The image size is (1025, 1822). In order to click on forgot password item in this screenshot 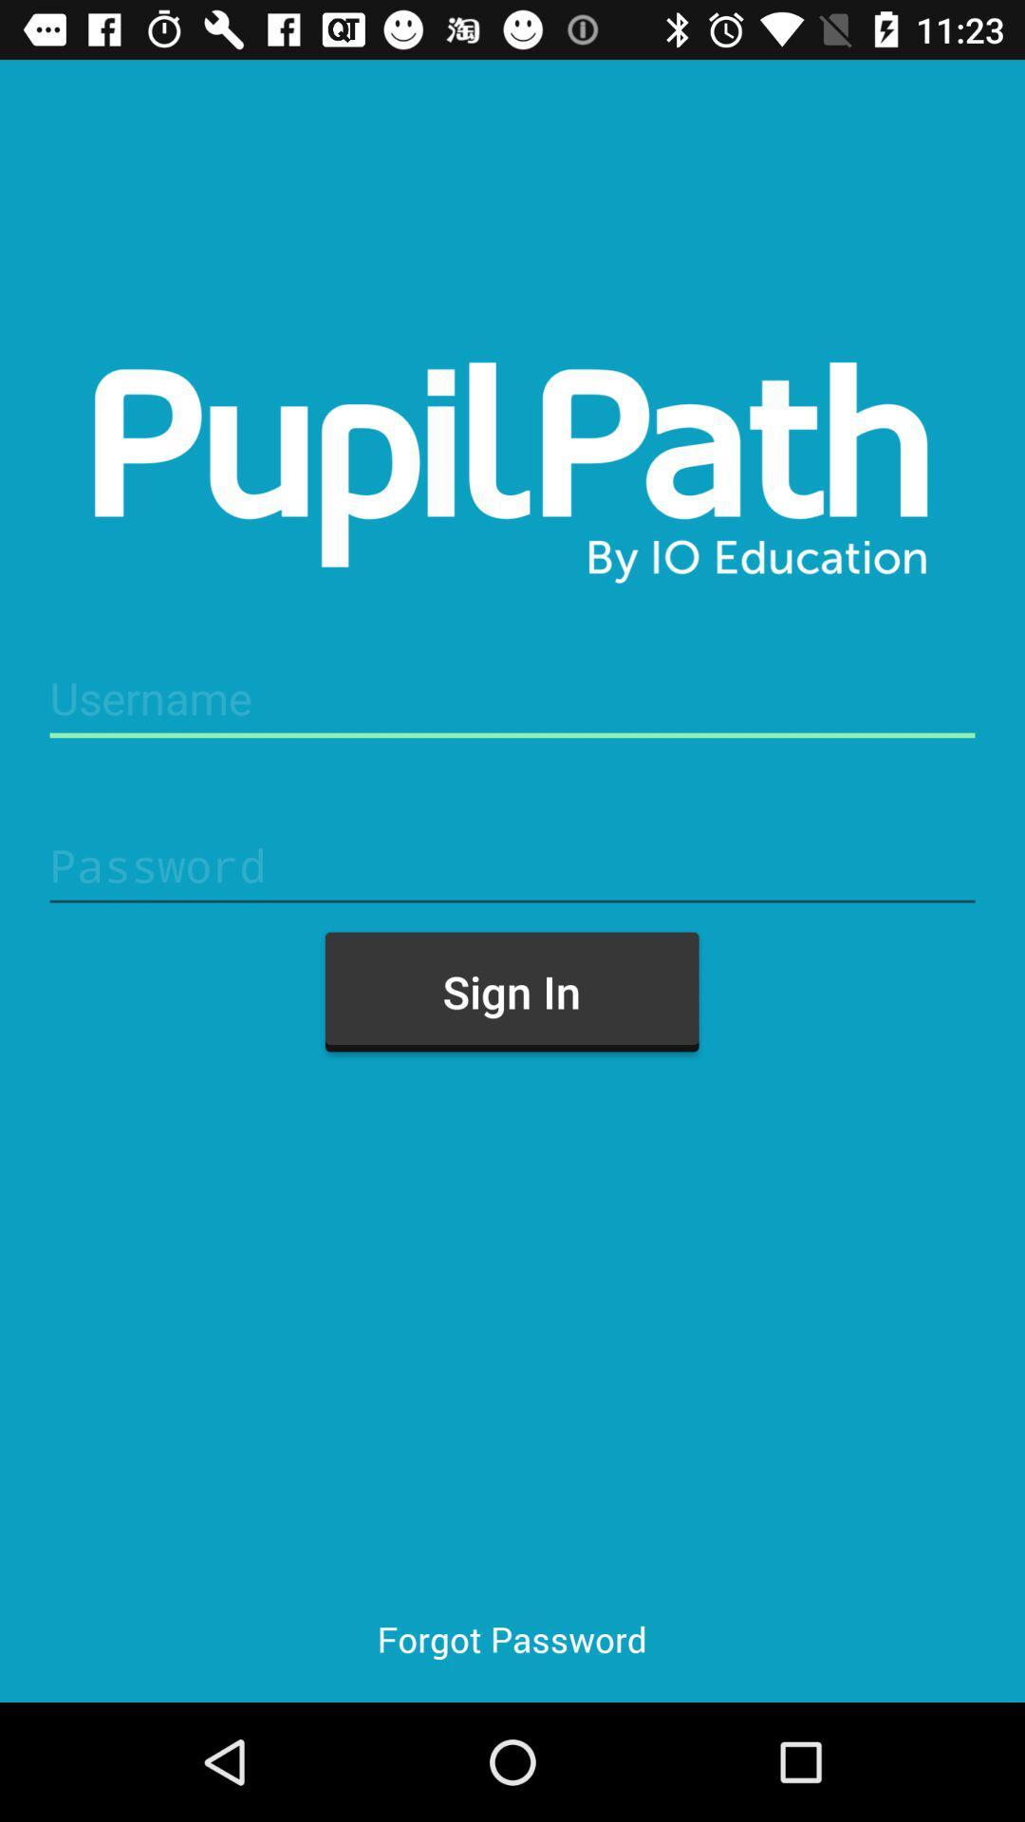, I will do `click(511, 1638)`.